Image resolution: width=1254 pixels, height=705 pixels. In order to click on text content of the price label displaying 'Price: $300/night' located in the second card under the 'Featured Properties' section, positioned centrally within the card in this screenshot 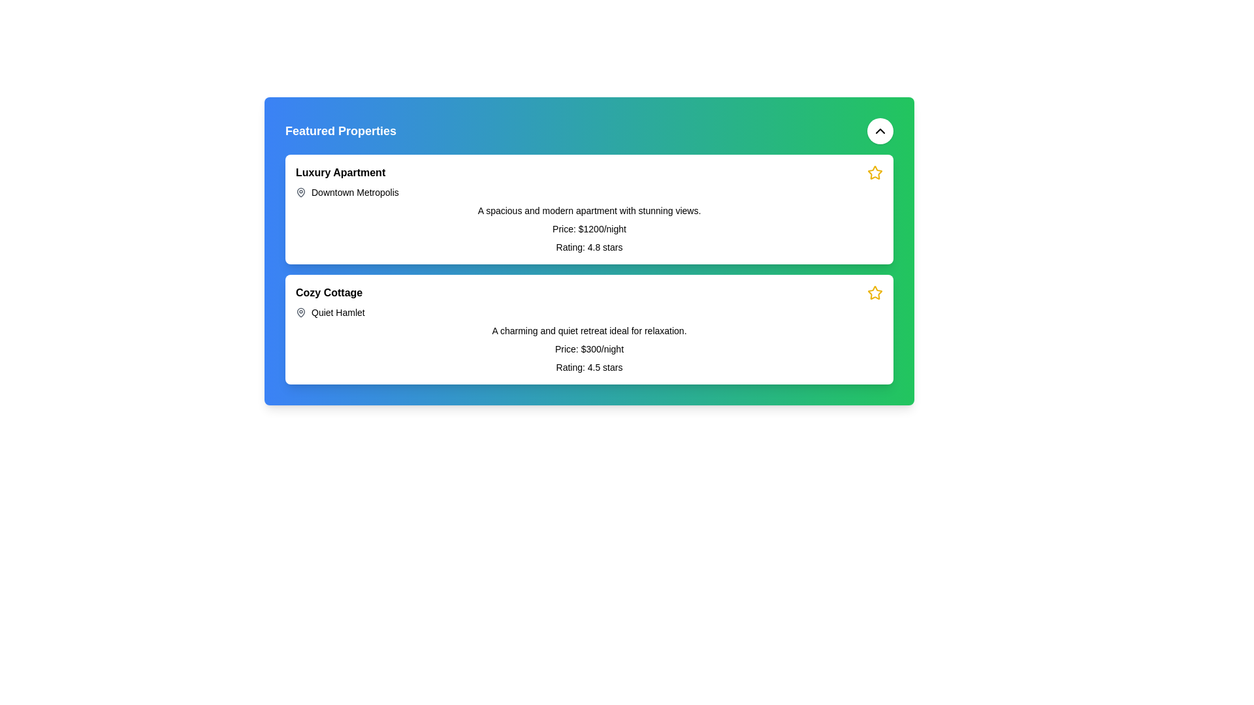, I will do `click(588, 349)`.